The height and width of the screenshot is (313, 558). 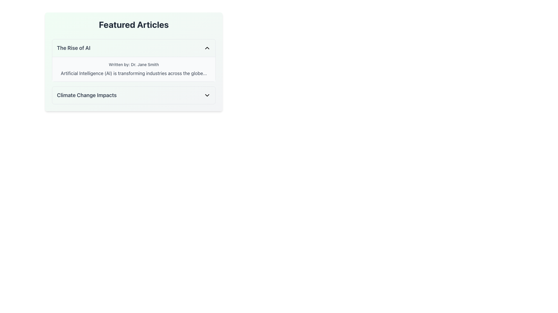 I want to click on the chevron icon at the rightmost end of the article titled 'The Rise of AI', so click(x=207, y=48).